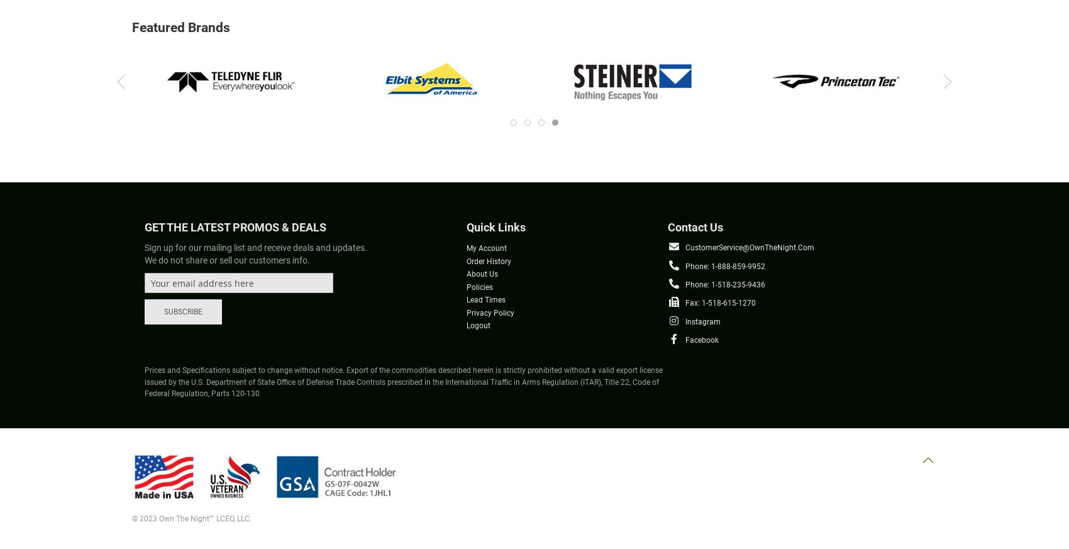 This screenshot has width=1069, height=549. Describe the element at coordinates (495, 226) in the screenshot. I see `'Quick Links'` at that location.